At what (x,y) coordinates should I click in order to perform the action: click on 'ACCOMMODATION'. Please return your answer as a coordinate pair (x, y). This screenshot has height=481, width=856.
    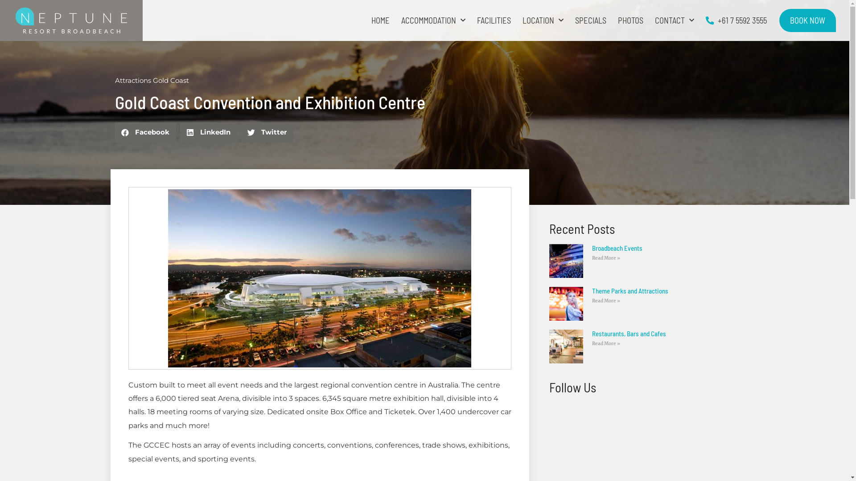
    Looking at the image, I should click on (433, 20).